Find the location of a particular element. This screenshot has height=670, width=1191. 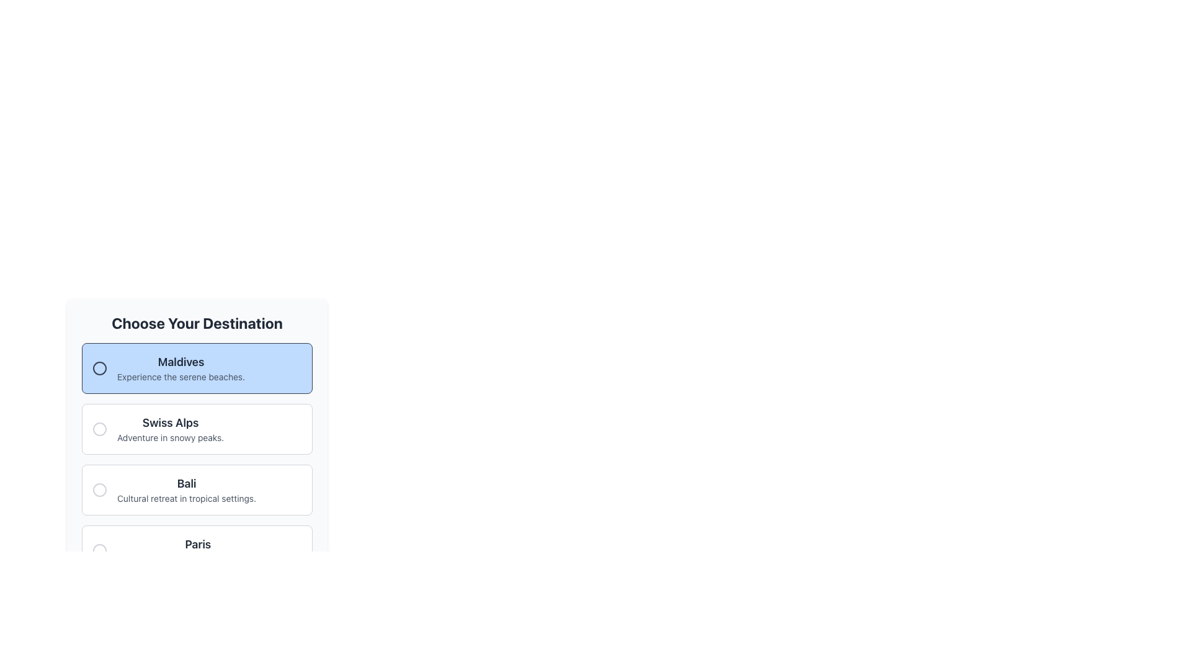

on the text label reading 'Bali', which is styled with bold typography and is the title of an option in a vertical list of destinations is located at coordinates (186, 483).